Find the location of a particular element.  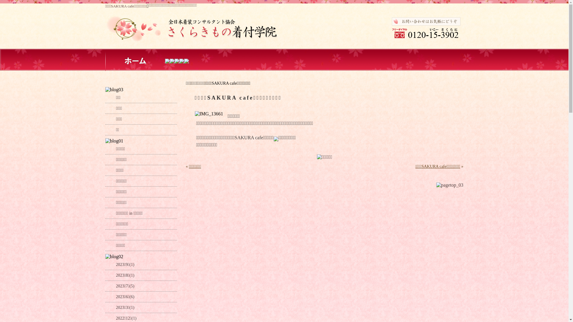

'IMG_1366[1]' is located at coordinates (209, 114).